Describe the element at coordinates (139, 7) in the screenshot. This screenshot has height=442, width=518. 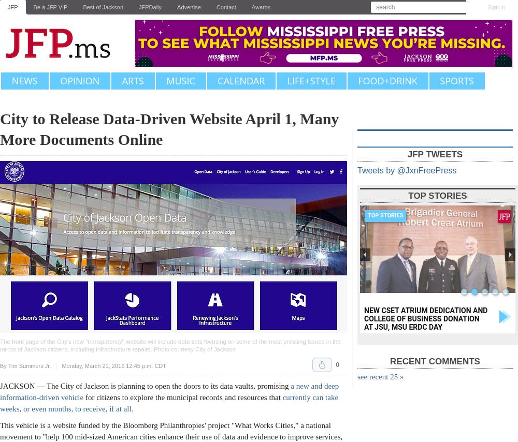
I see `'JFPDaily'` at that location.